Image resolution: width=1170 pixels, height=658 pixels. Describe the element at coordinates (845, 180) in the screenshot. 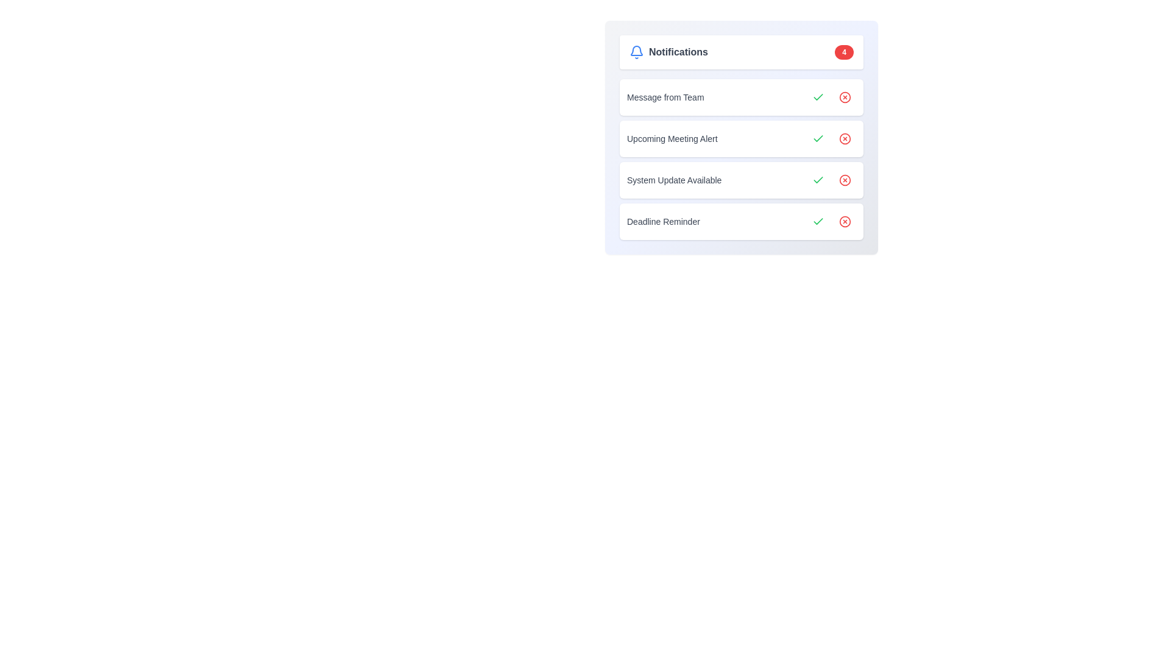

I see `the dismiss button icon on the right side of the 'System Update Available' notification` at that location.